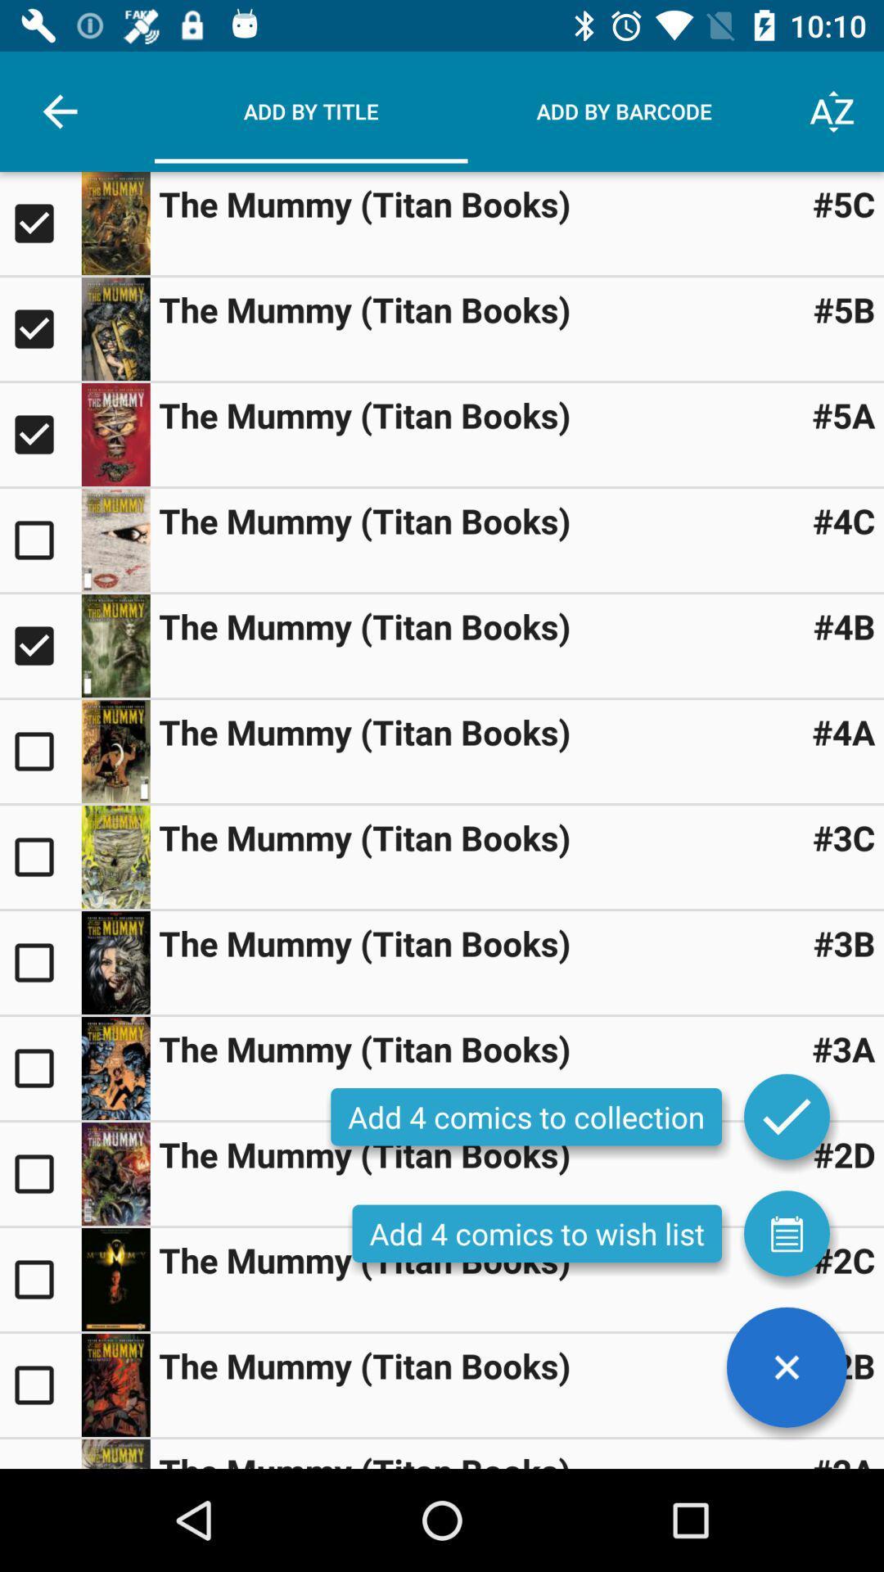 The height and width of the screenshot is (1572, 884). What do you see at coordinates (39, 328) in the screenshot?
I see `selection for that comic` at bounding box center [39, 328].